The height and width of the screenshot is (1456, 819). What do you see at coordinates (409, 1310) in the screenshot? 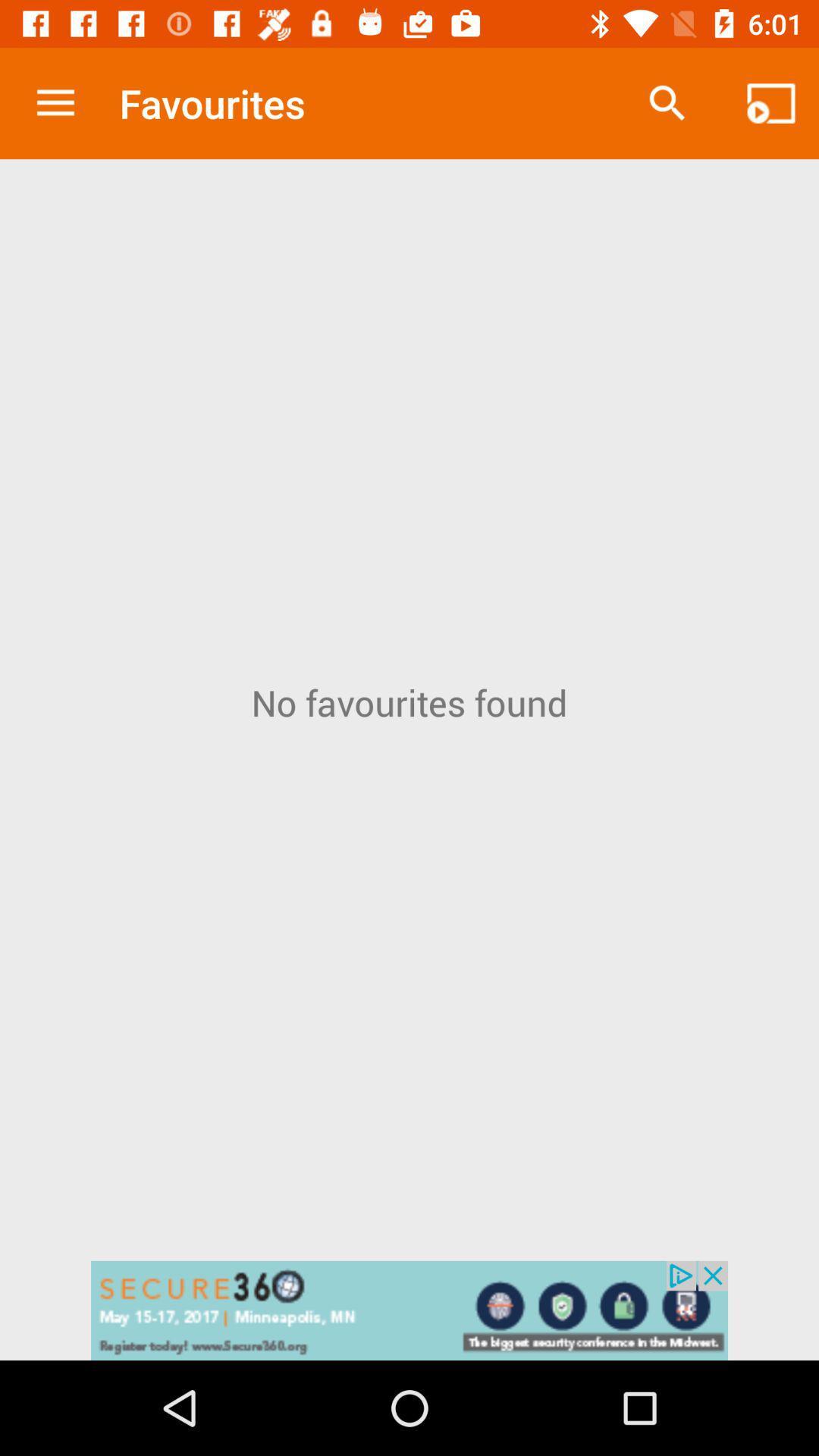
I see `advertisement area` at bounding box center [409, 1310].